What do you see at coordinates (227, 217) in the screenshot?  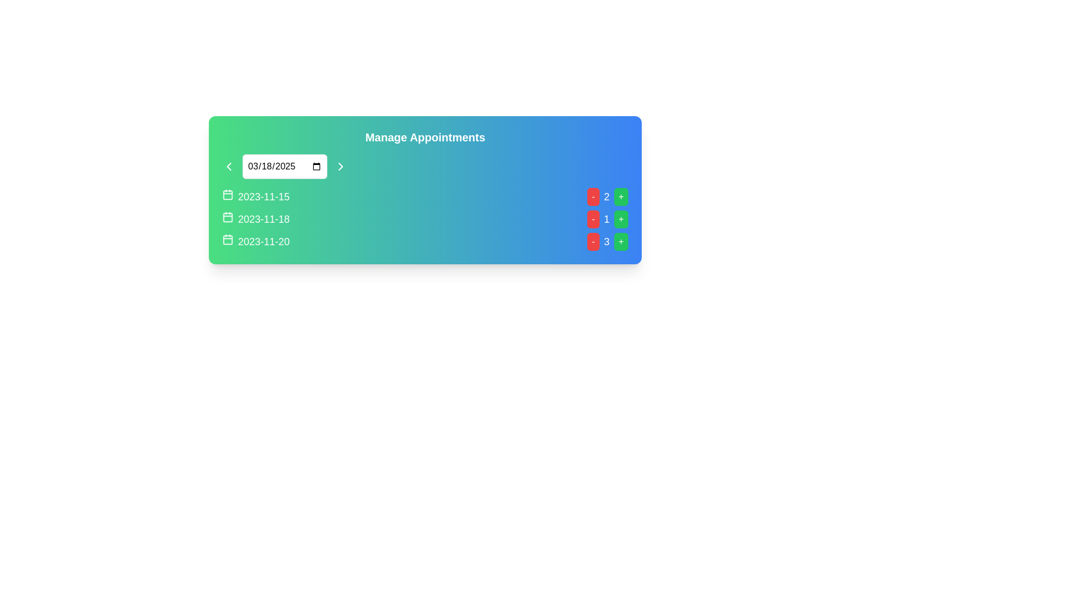 I see `the calendar icon associated with the date '2023-11-18' in the Manage Appointments list` at bounding box center [227, 217].